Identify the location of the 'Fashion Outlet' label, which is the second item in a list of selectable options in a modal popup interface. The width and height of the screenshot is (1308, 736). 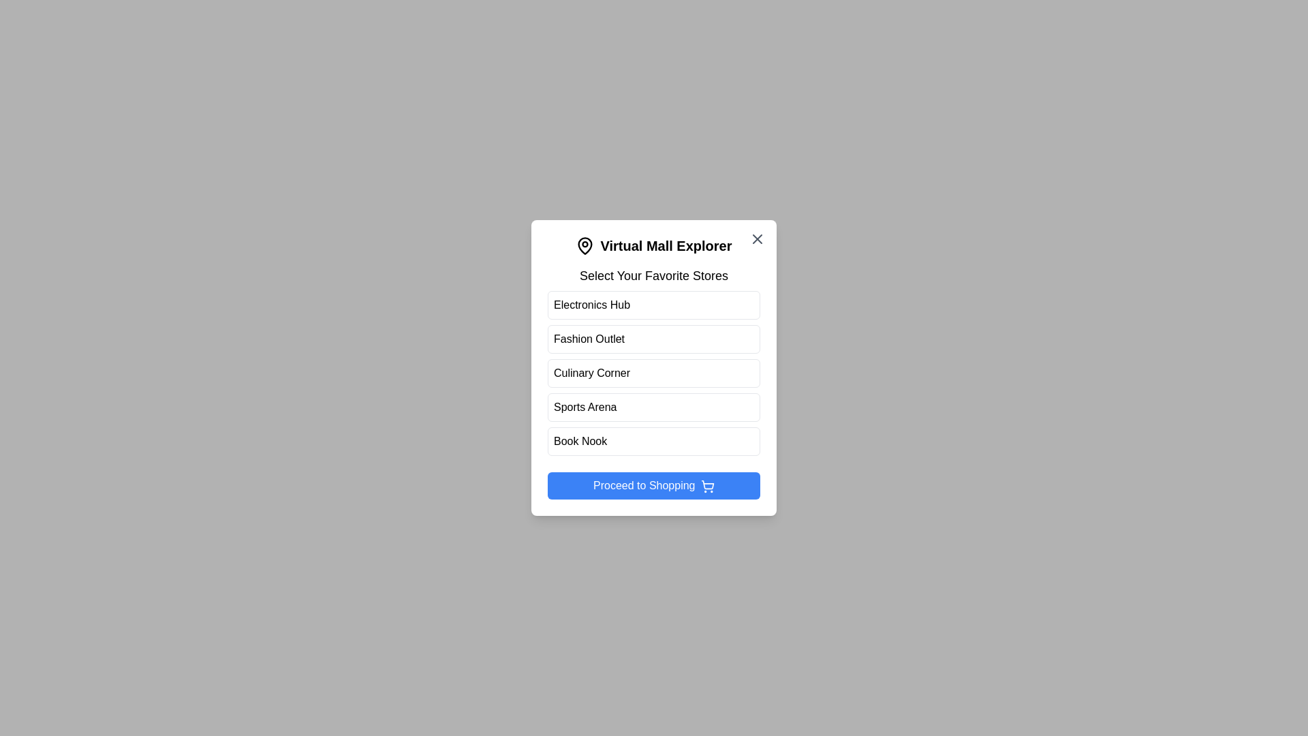
(589, 338).